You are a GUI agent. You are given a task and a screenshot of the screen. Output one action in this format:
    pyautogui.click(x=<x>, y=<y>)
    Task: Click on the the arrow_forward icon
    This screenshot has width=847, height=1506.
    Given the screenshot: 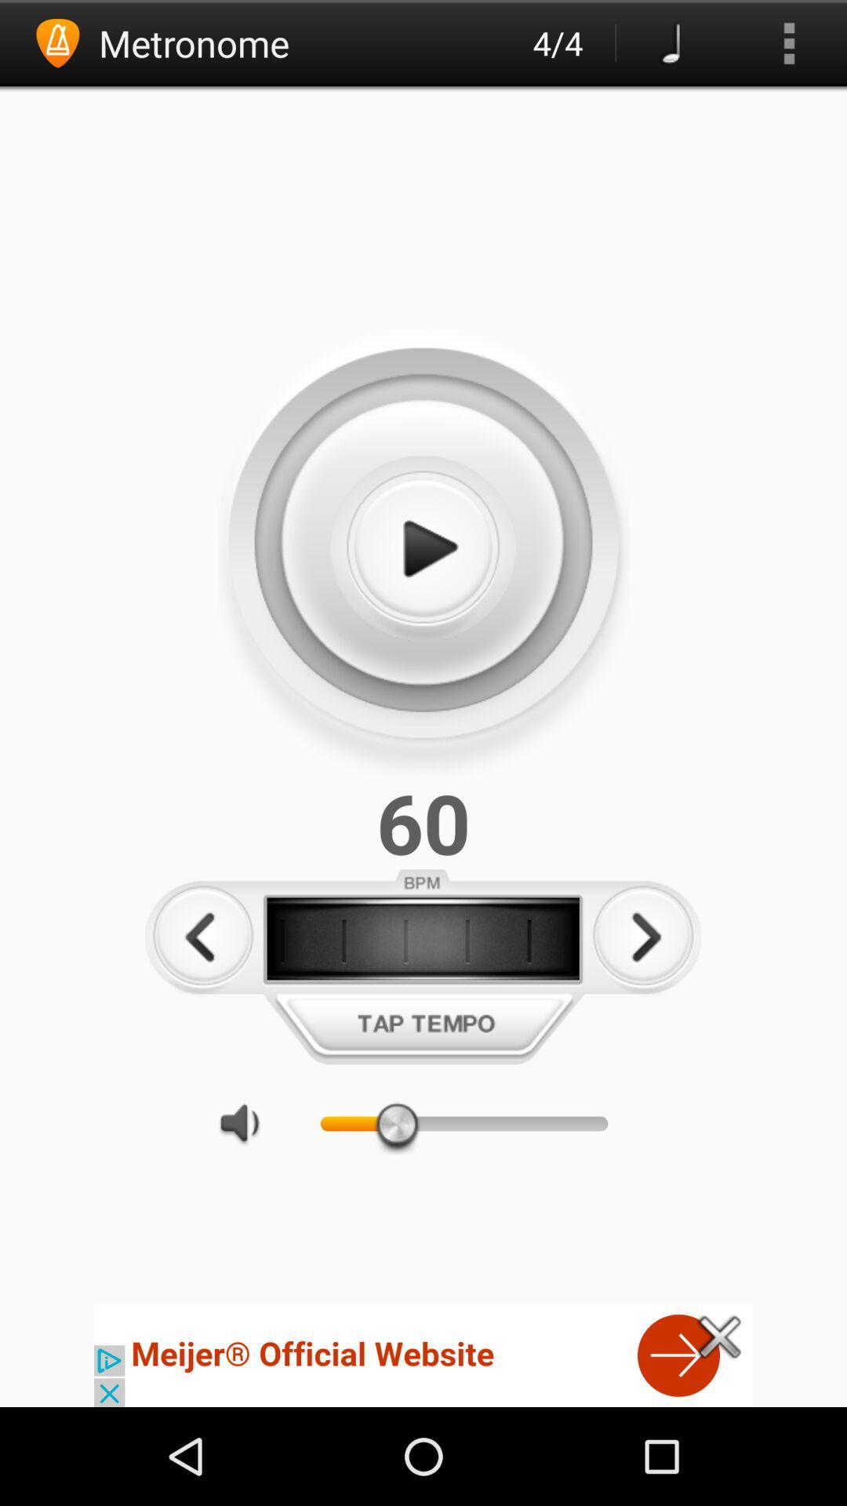 What is the action you would take?
    pyautogui.click(x=643, y=1002)
    